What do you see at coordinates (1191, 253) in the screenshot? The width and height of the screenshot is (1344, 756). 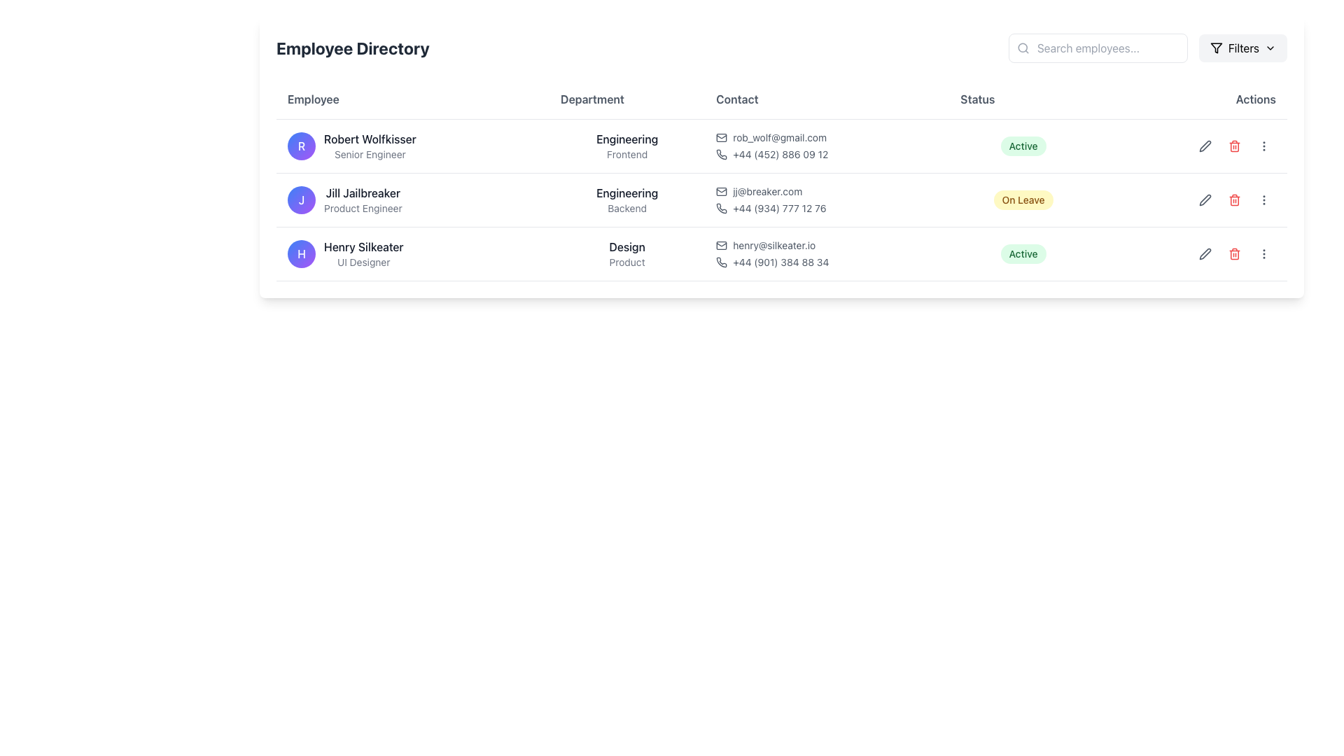 I see `the decorative icon located in the 'Actions' column next to the edit and delete icons for the row associated with 'Henry Silkeater'` at bounding box center [1191, 253].